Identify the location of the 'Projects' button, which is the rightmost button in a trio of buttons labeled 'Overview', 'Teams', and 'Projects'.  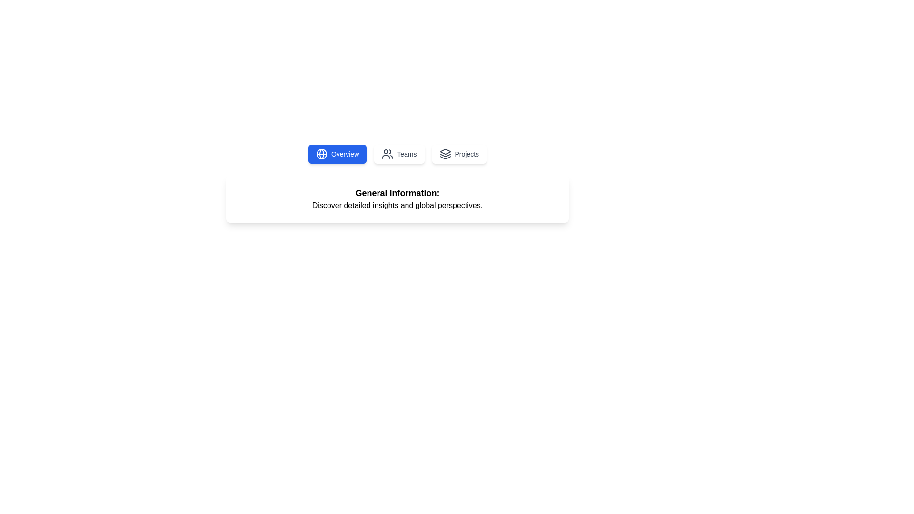
(459, 154).